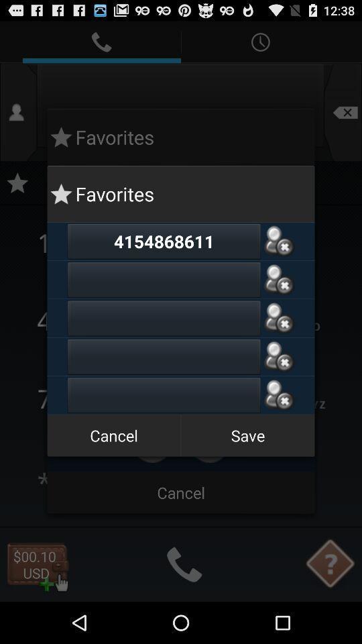 The image size is (362, 644). I want to click on edit fourth favorite, so click(164, 356).